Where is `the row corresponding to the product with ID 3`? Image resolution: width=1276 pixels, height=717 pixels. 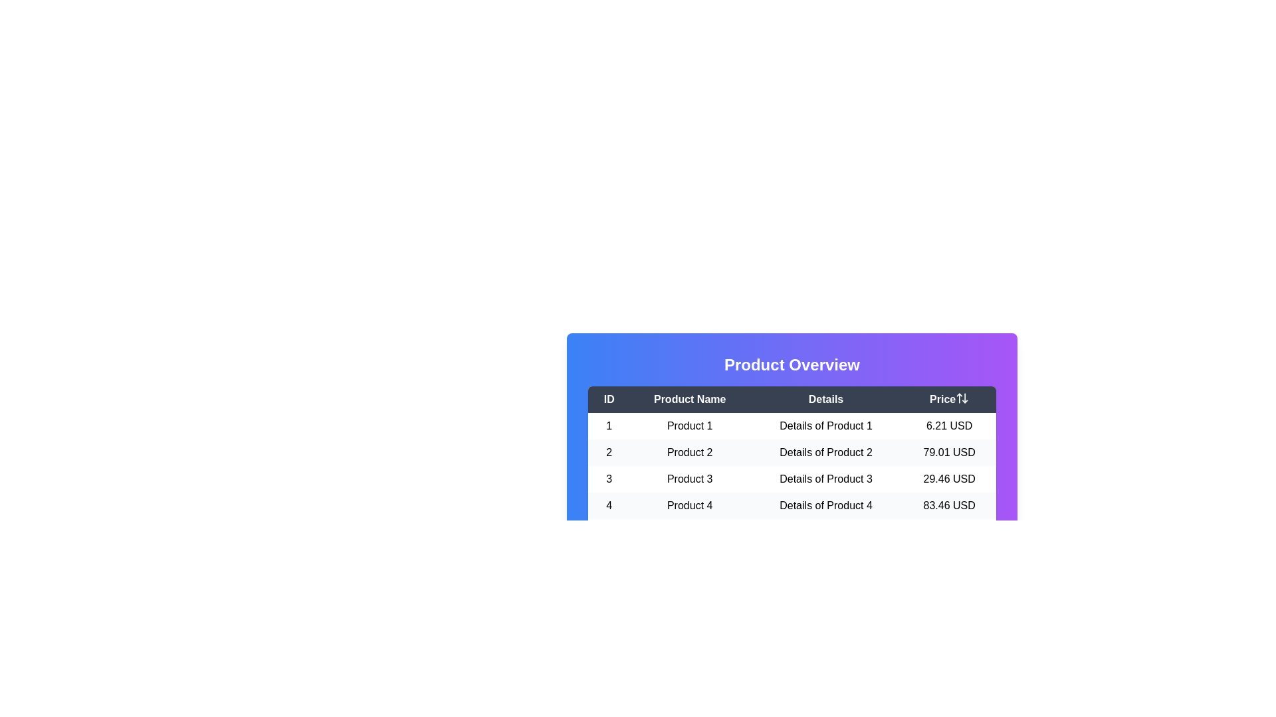
the row corresponding to the product with ID 3 is located at coordinates (792, 479).